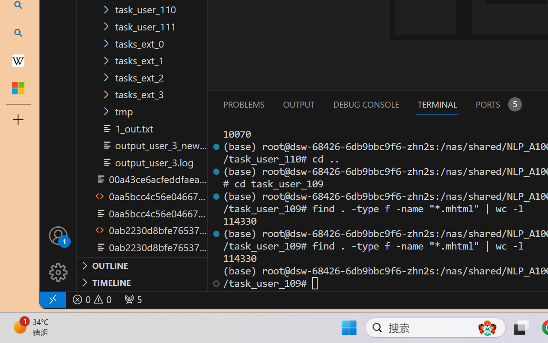 The height and width of the screenshot is (343, 548). I want to click on 'remote', so click(52, 299).